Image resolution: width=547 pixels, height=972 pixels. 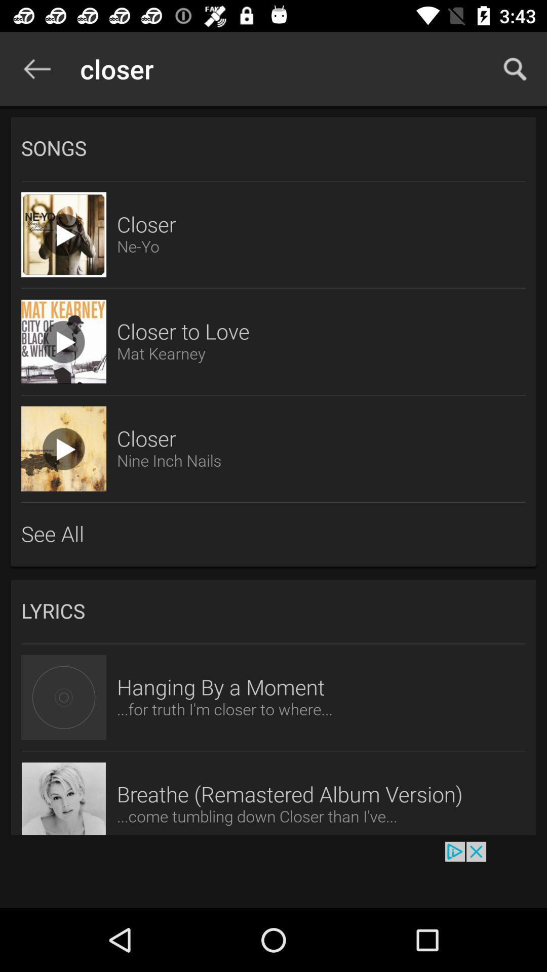 I want to click on closer by ne-ya, so click(x=64, y=234).